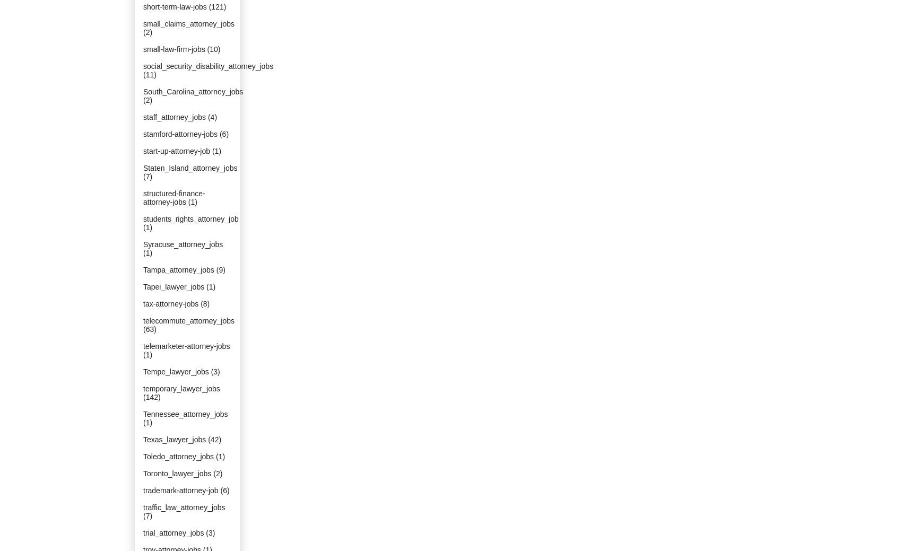 The image size is (902, 551). What do you see at coordinates (170, 304) in the screenshot?
I see `'tax-attorney-jobs'` at bounding box center [170, 304].